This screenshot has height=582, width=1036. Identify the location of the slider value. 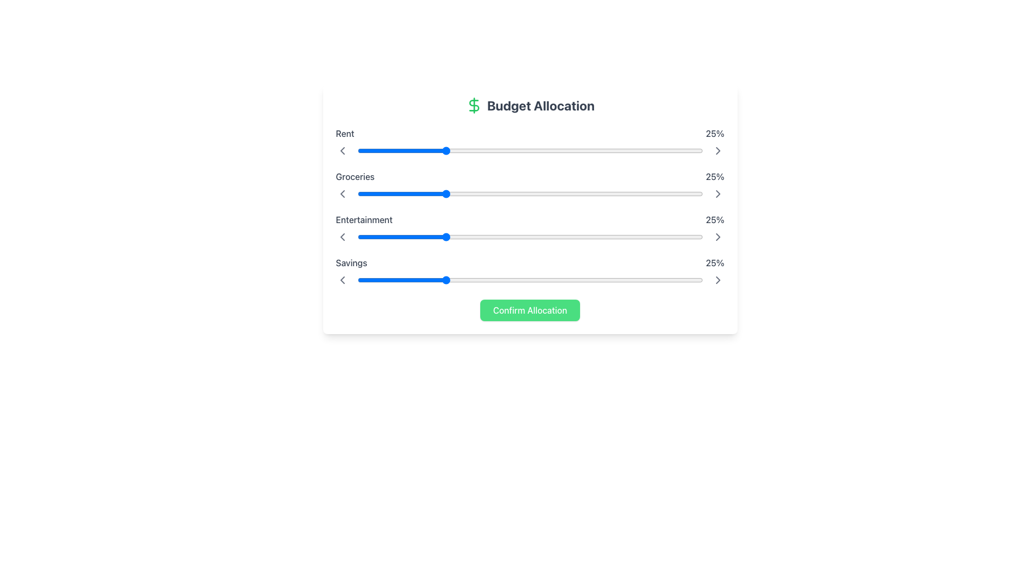
(498, 280).